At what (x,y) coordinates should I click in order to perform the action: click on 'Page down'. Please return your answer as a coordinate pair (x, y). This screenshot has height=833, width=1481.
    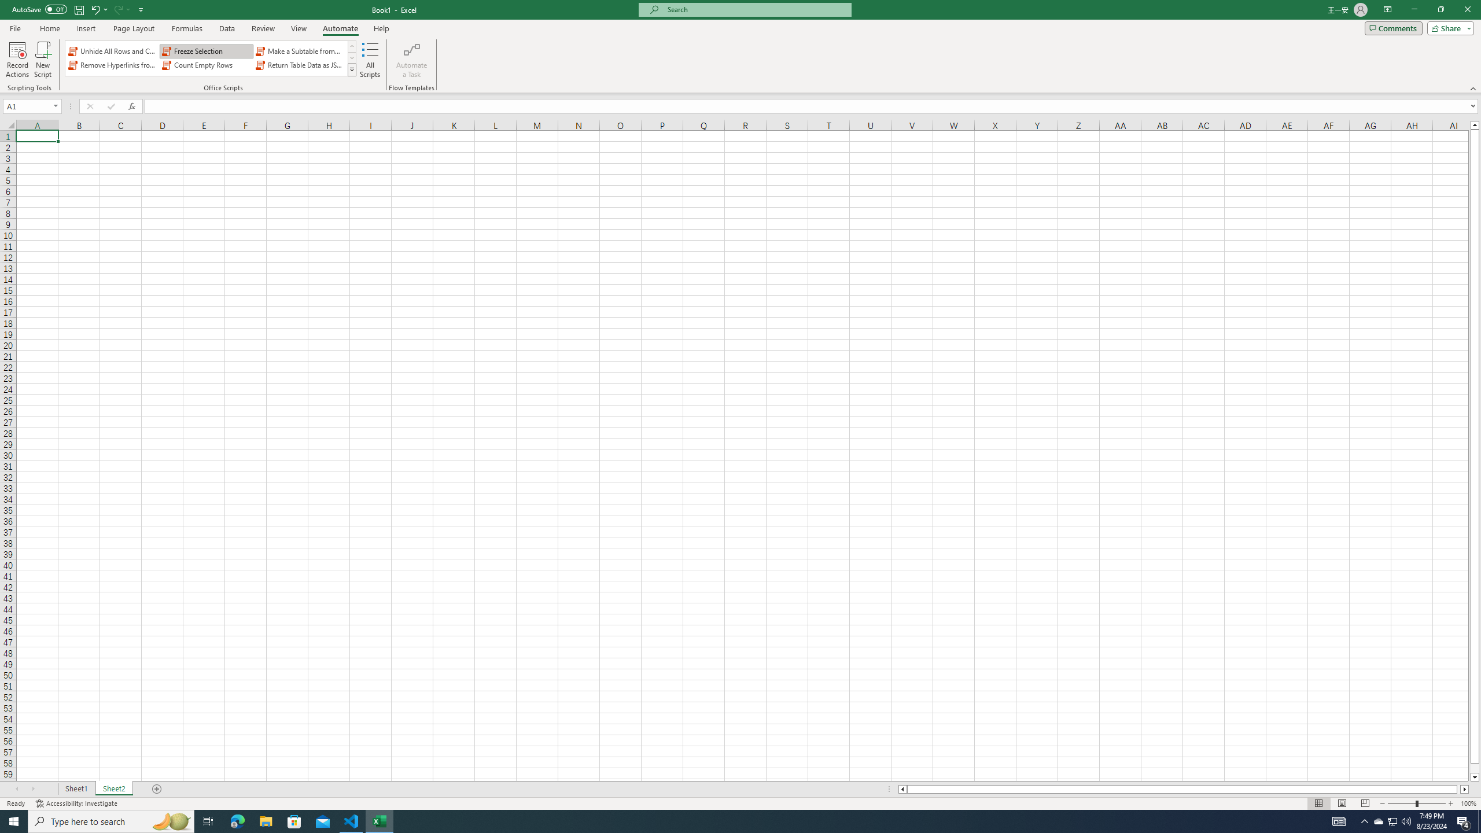
    Looking at the image, I should click on (1474, 768).